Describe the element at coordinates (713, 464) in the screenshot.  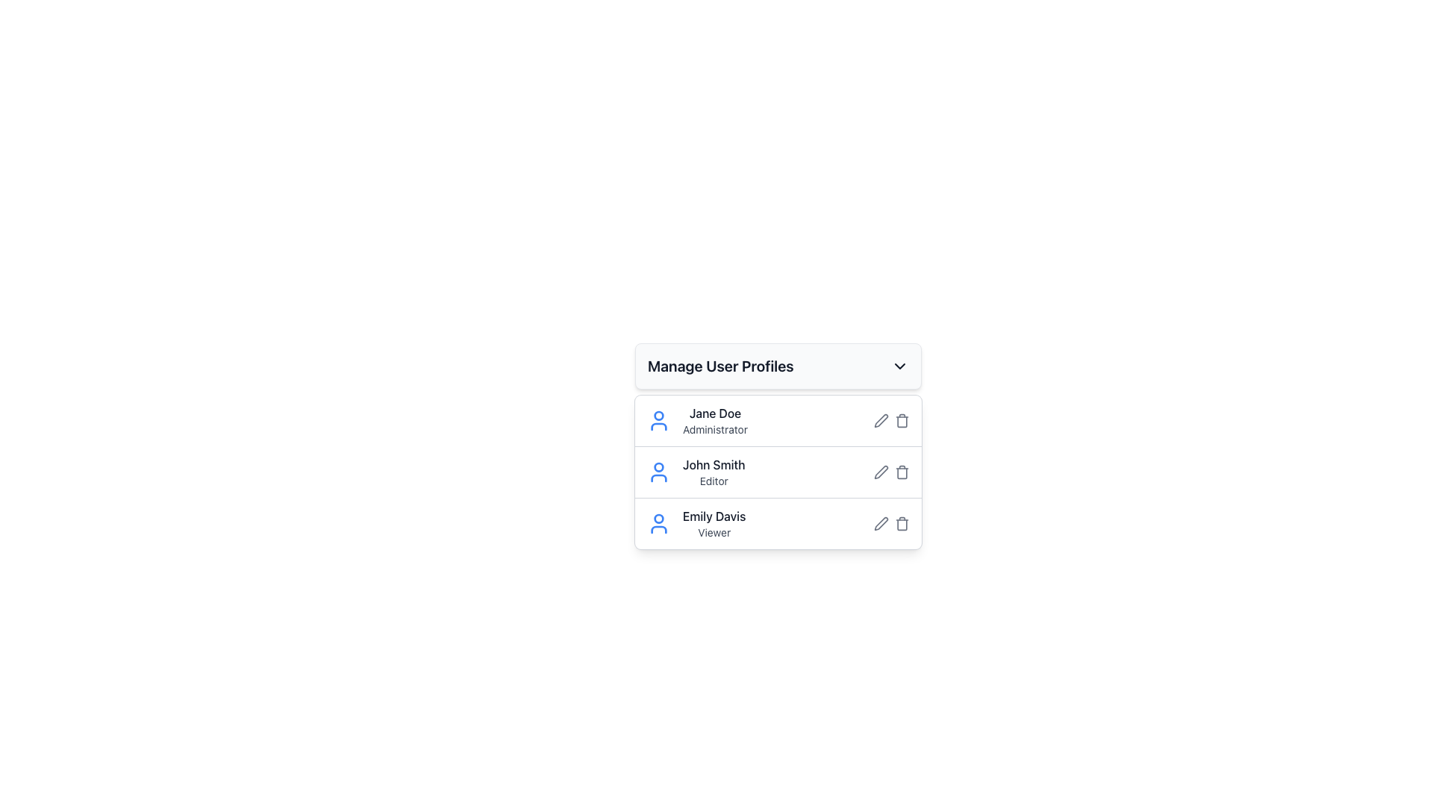
I see `the text label displaying 'John Smith' in dark gray color, which is part of the user profile listing under 'Manage User Profiles'` at that location.